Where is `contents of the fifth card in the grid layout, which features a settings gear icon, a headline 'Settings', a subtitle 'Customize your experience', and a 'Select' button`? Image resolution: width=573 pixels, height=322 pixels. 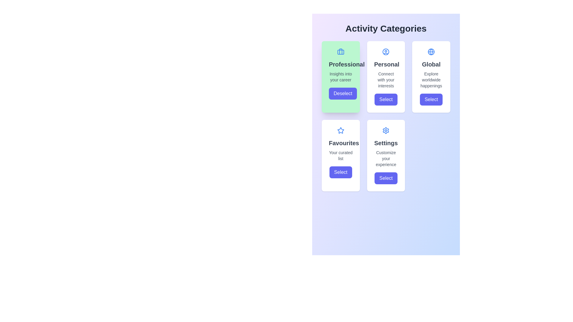
contents of the fifth card in the grid layout, which features a settings gear icon, a headline 'Settings', a subtitle 'Customize your experience', and a 'Select' button is located at coordinates (386, 155).